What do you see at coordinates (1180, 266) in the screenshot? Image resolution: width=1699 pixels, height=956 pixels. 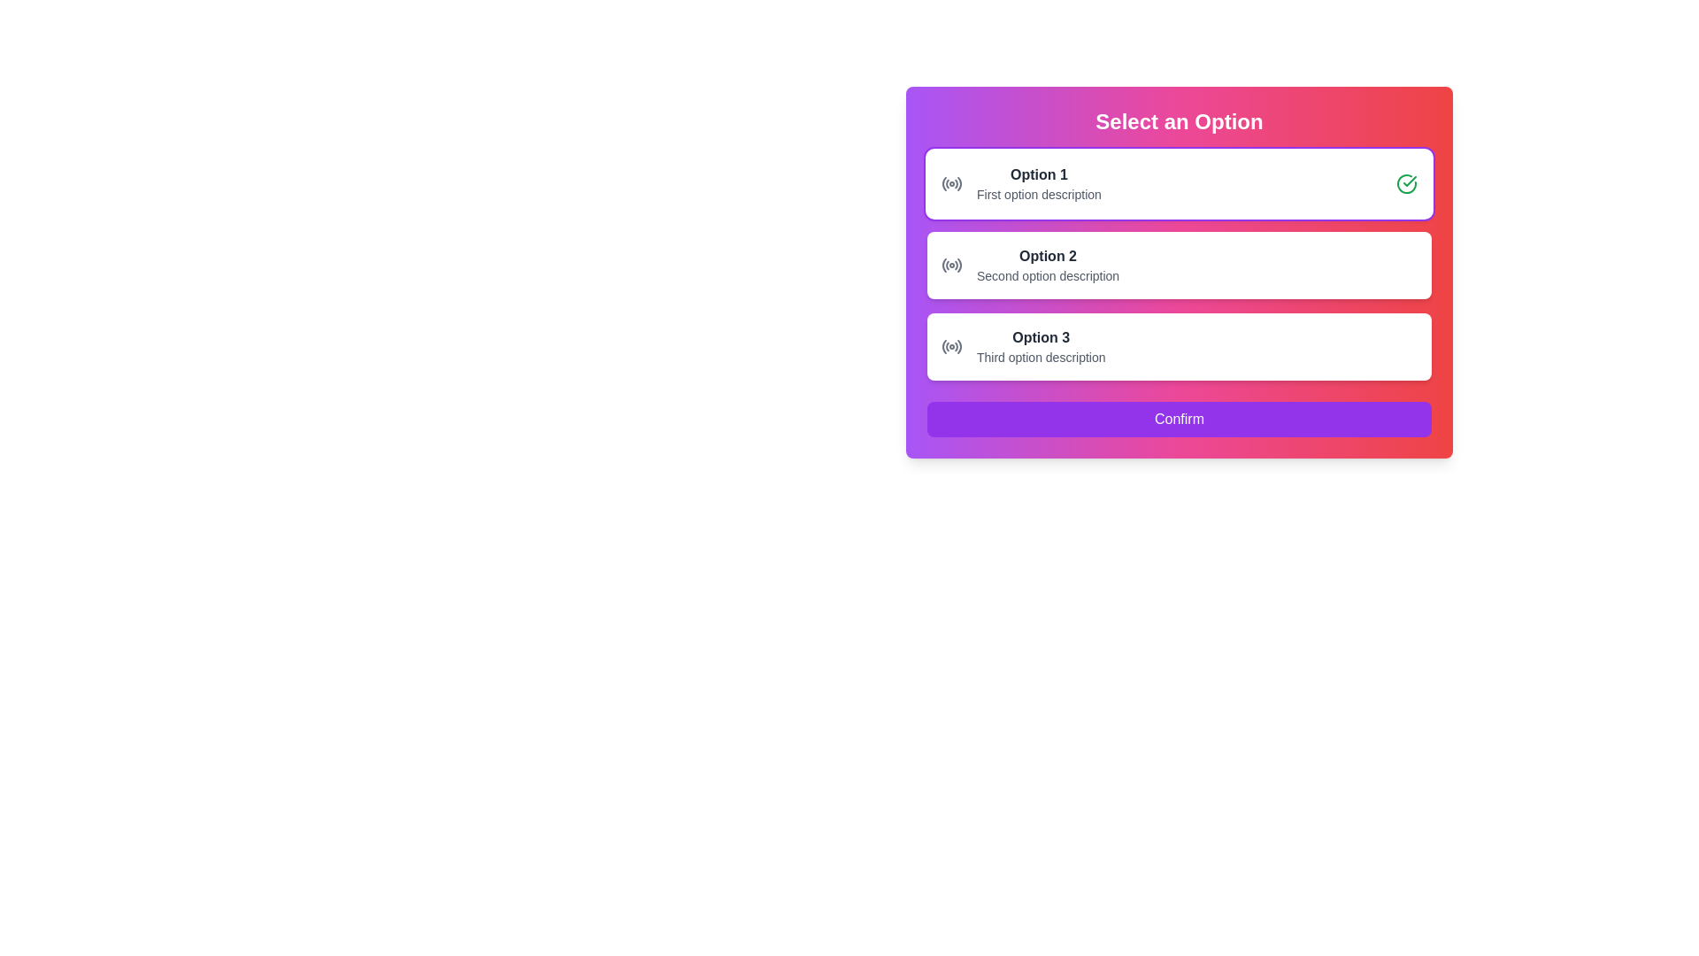 I see `the second selectable card that displays 'Option 2' in bold and 'Second option description' below it` at bounding box center [1180, 266].